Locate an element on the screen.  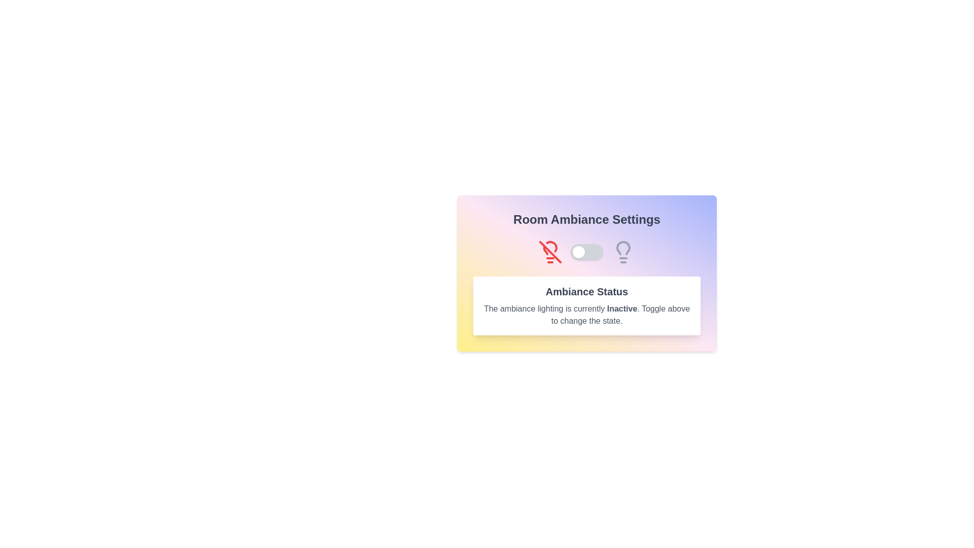
the toggle switch handle, which is a small circular switch with a white background and rounded edges is located at coordinates (579, 252).